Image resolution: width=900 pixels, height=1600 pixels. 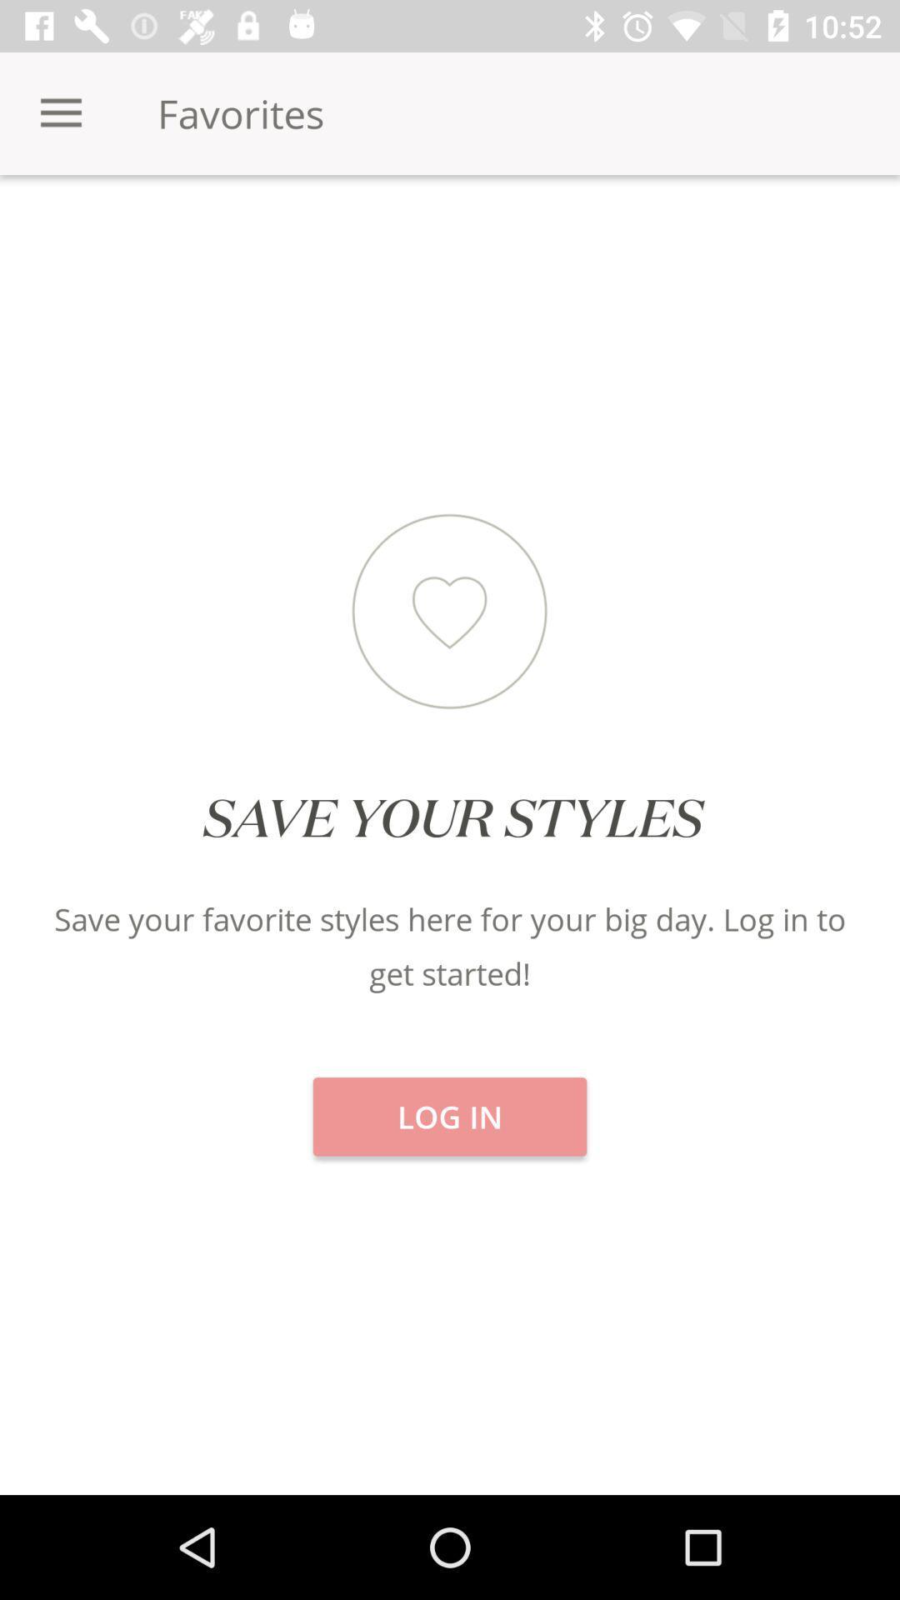 What do you see at coordinates (450, 232) in the screenshot?
I see `the item next to categories item` at bounding box center [450, 232].